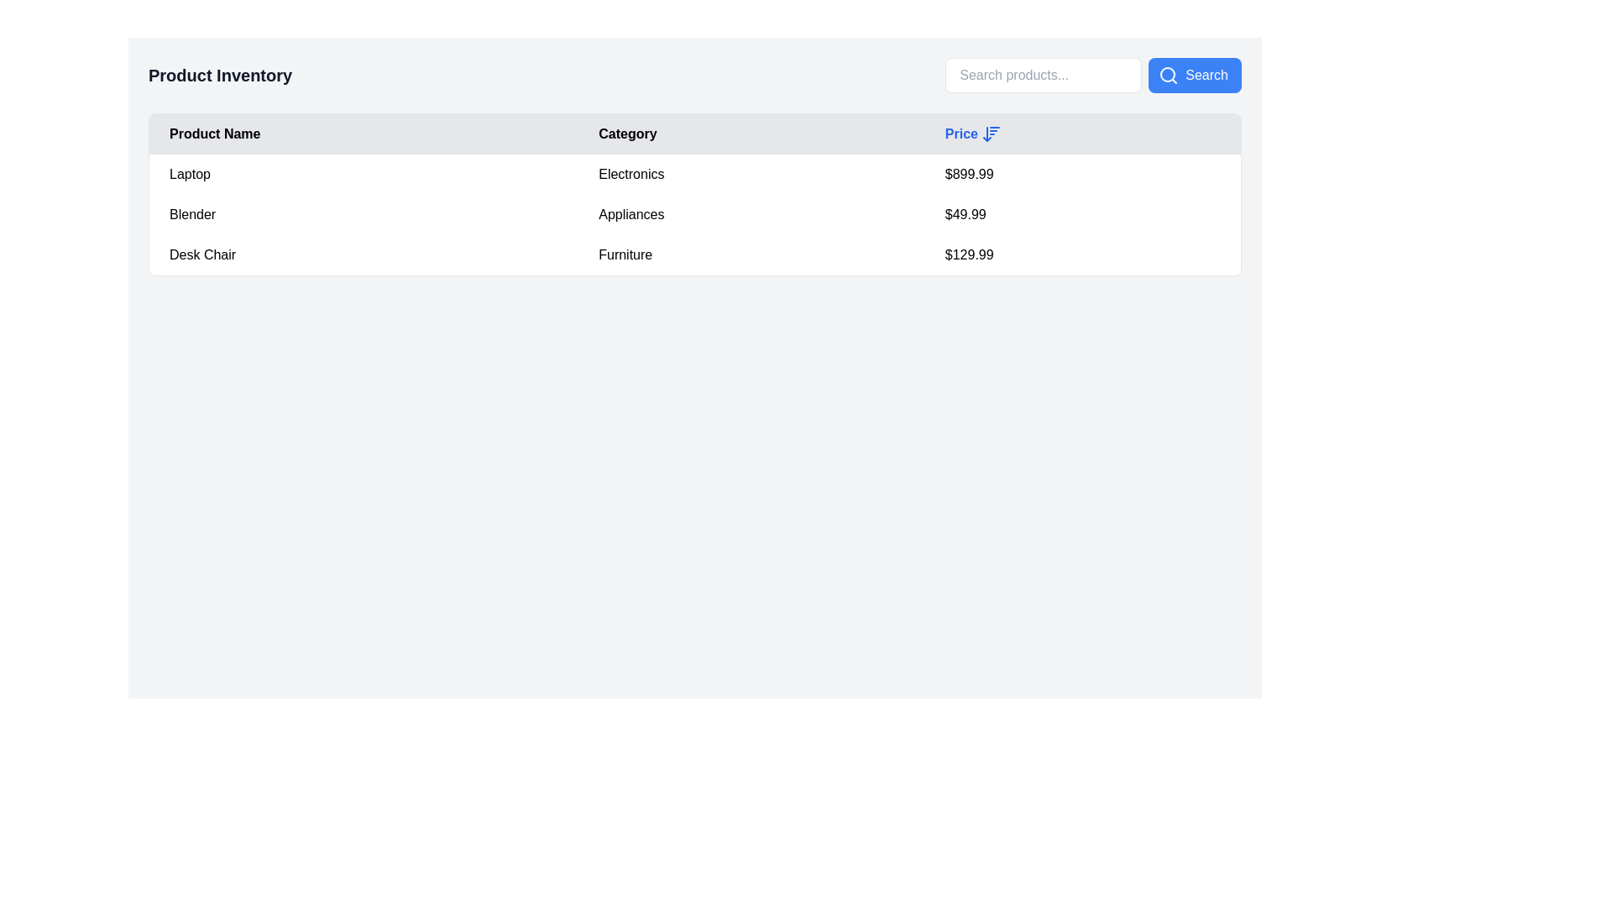  I want to click on the text input field with placeholder text 'Search products...' to focus on it, so click(1043, 74).